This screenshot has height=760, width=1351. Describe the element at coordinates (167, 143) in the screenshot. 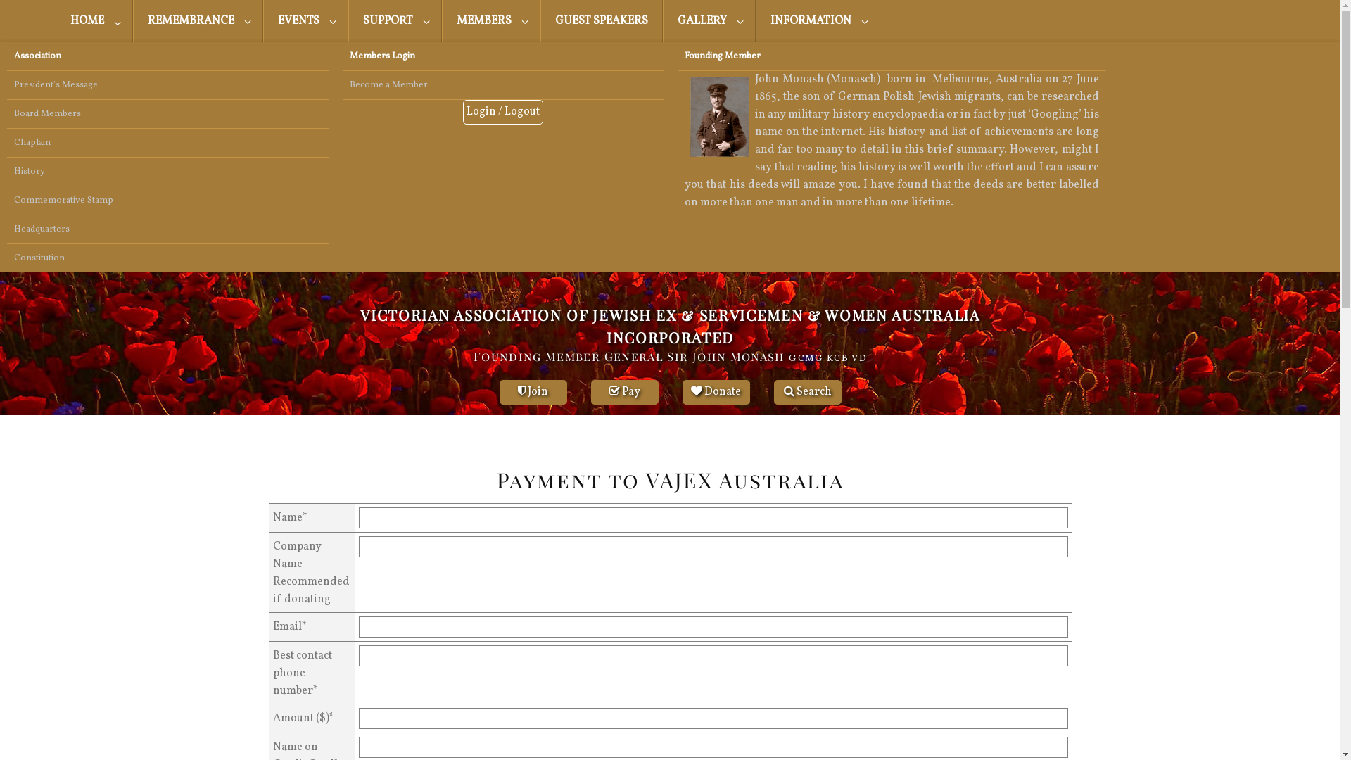

I see `'Chaplain'` at that location.